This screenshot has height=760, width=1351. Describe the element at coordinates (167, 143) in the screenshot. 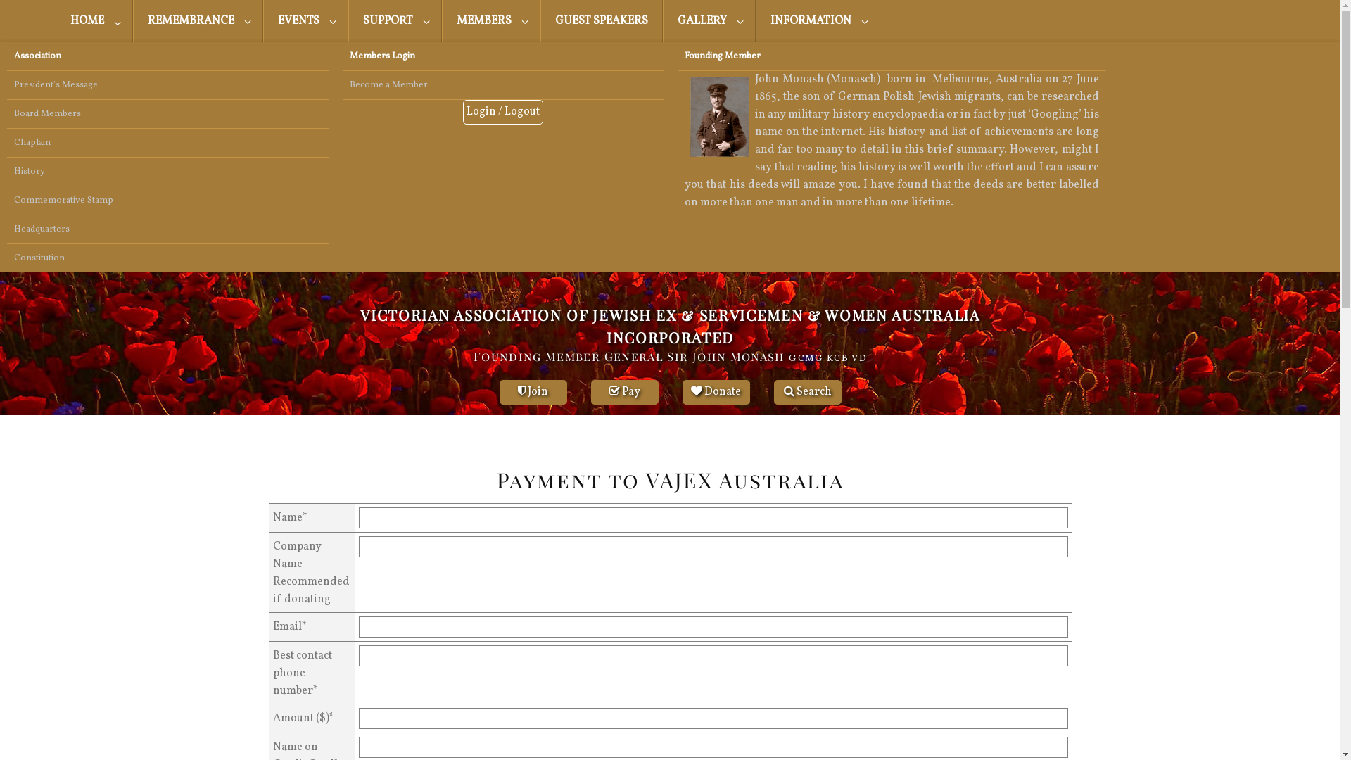

I see `'Chaplain'` at that location.